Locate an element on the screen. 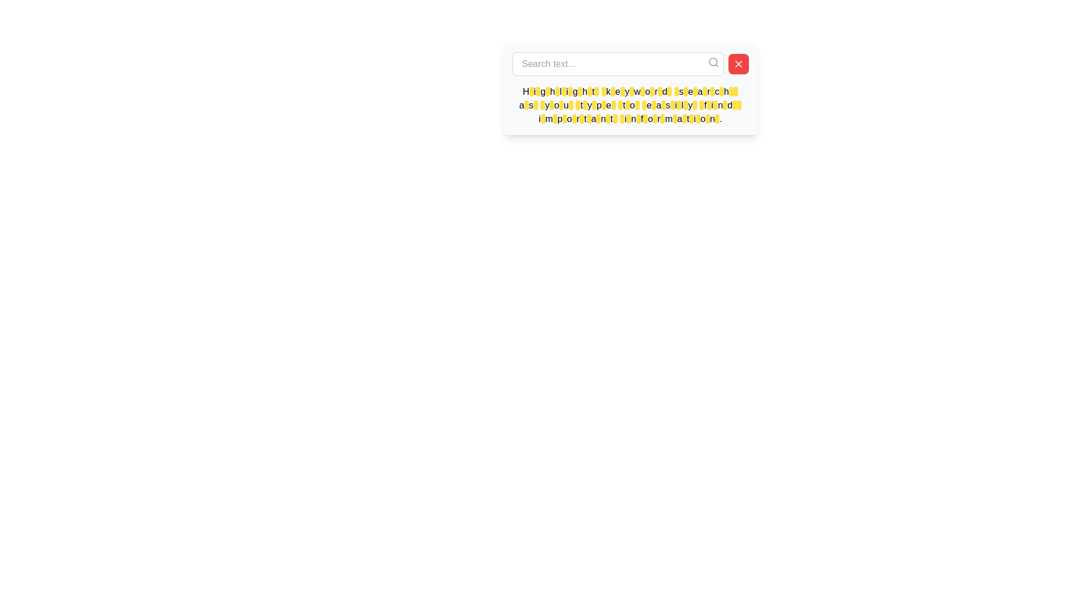  the small rectangular Text Highlight or Marker with a yellow background and black outline, located in the fourth row at the rightmost position among similar elements is located at coordinates (715, 105).